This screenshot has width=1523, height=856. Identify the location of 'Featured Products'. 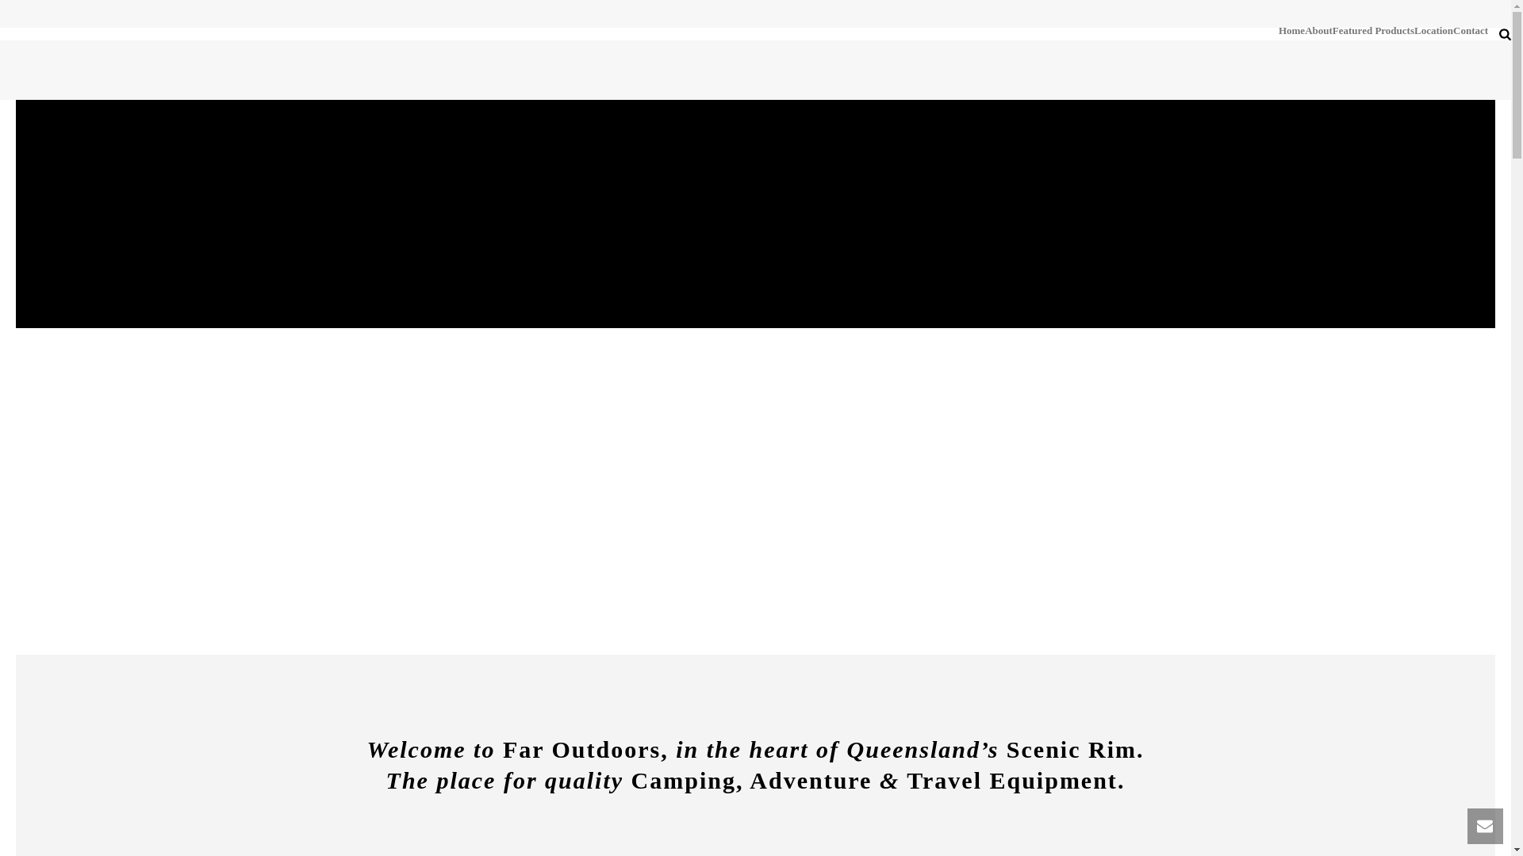
(1372, 30).